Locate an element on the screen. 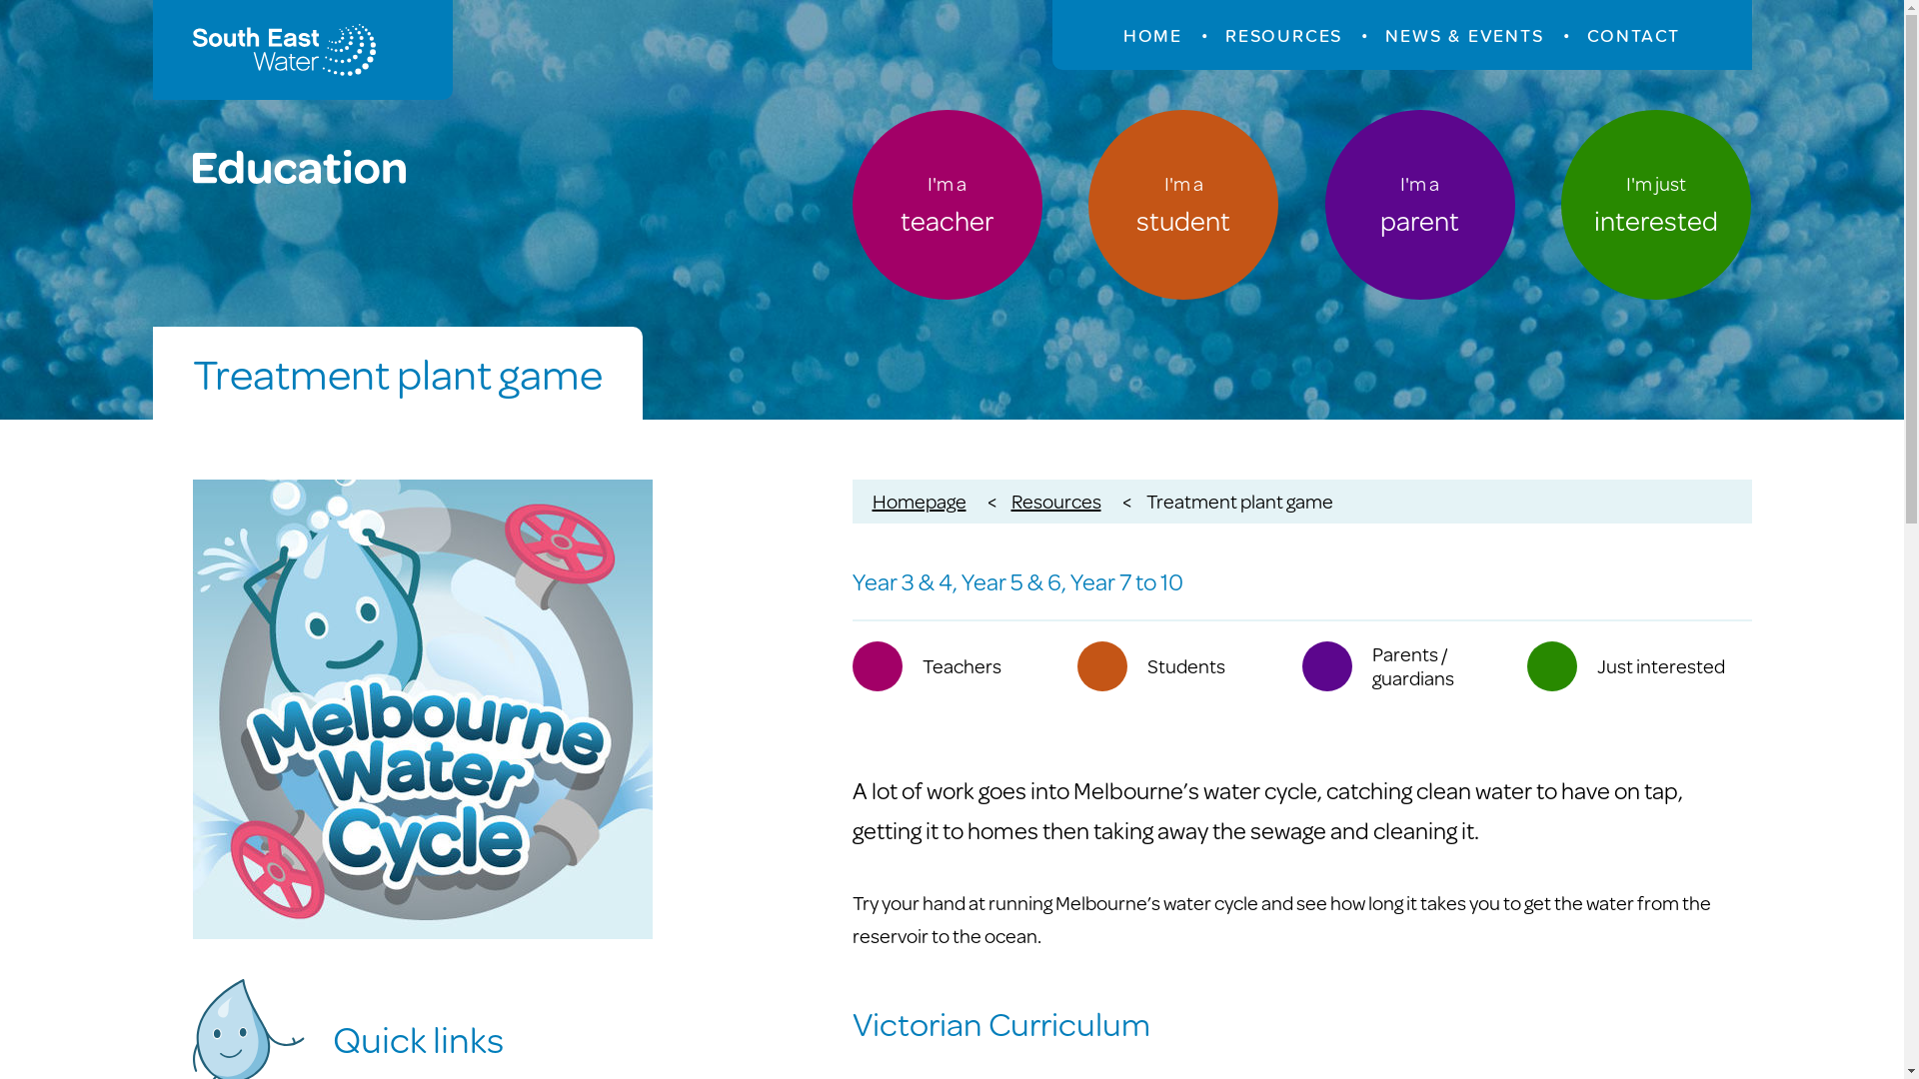 The width and height of the screenshot is (1919, 1079). 'I'm a is located at coordinates (1183, 204).